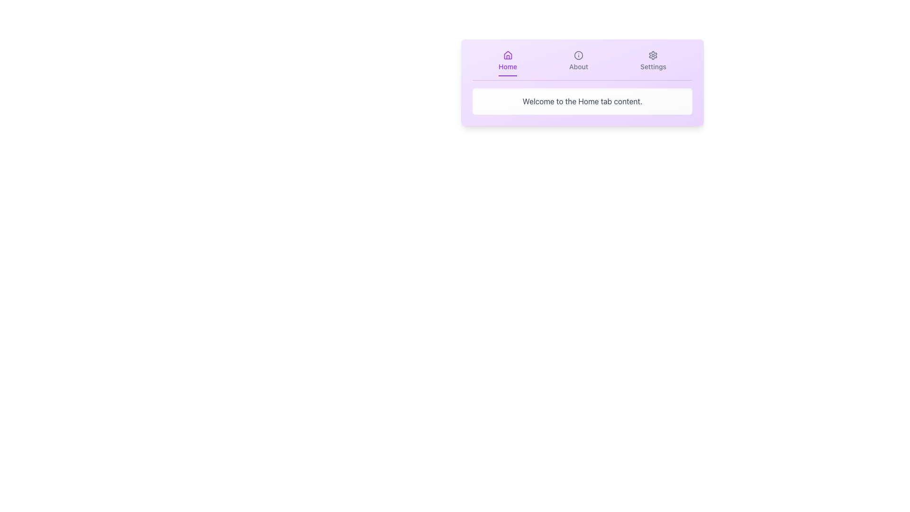 The height and width of the screenshot is (512, 910). Describe the element at coordinates (578, 55) in the screenshot. I see `the circular SVG element located at the center of the 'About' icon in the header menu` at that location.